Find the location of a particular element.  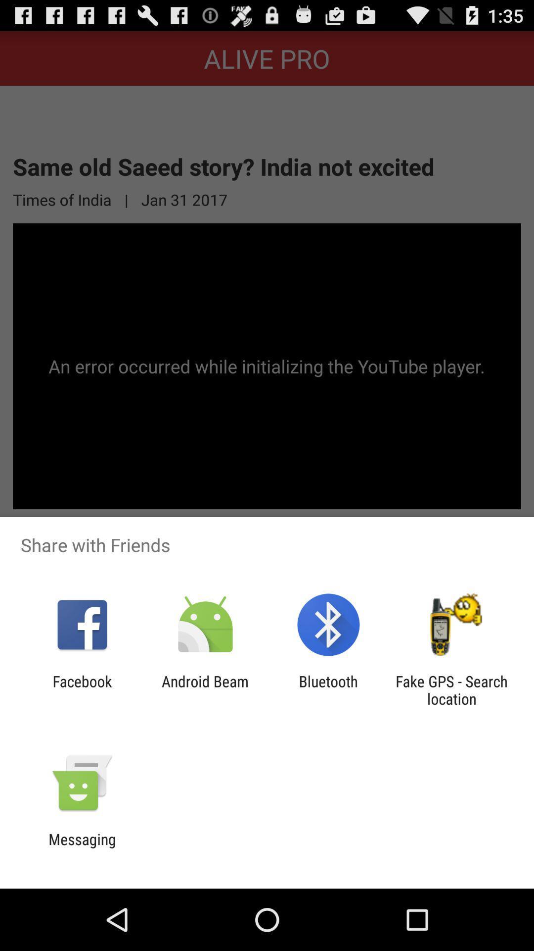

the app to the left of bluetooth item is located at coordinates (205, 689).